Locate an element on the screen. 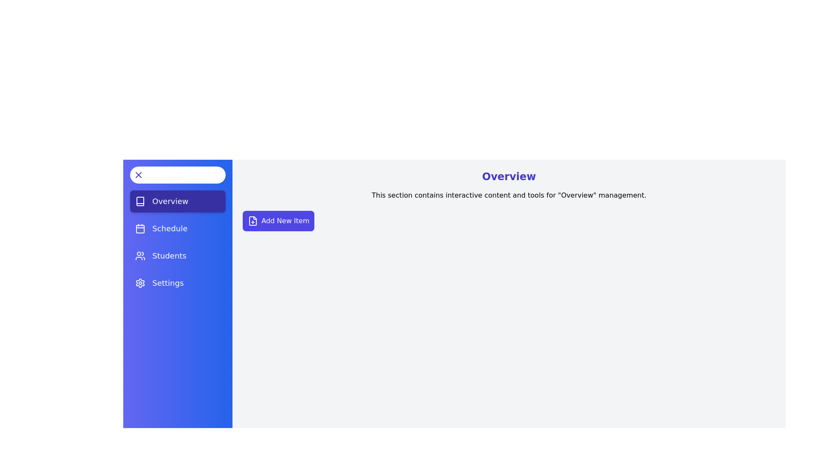 The width and height of the screenshot is (819, 460). the 'Add New Item' button to add a new item is located at coordinates (278, 221).